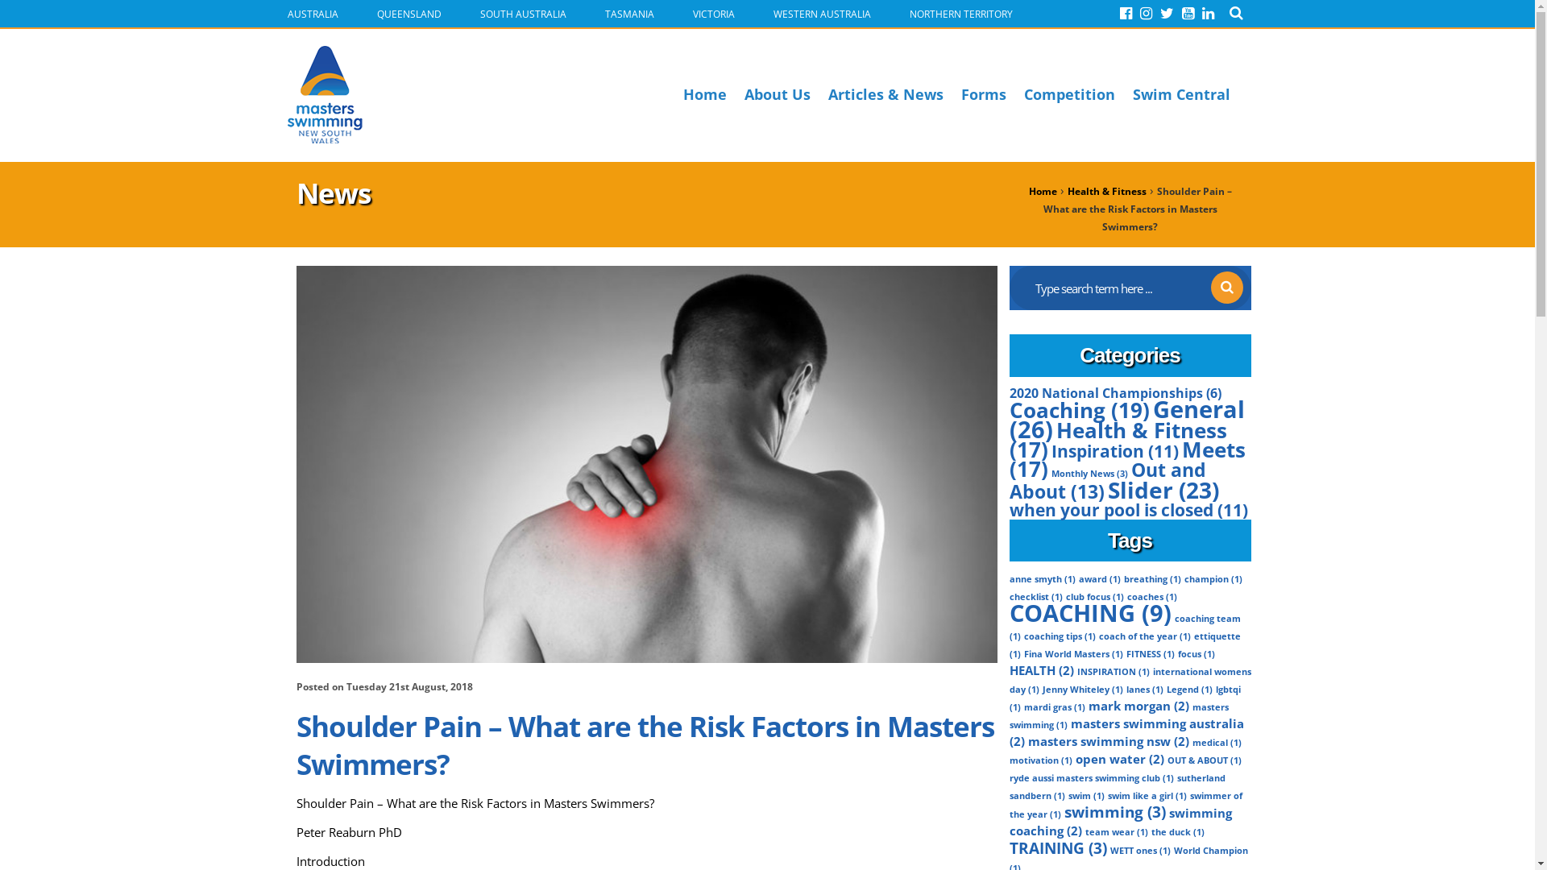  What do you see at coordinates (820, 12) in the screenshot?
I see `'WESTERN AUSTRALIA'` at bounding box center [820, 12].